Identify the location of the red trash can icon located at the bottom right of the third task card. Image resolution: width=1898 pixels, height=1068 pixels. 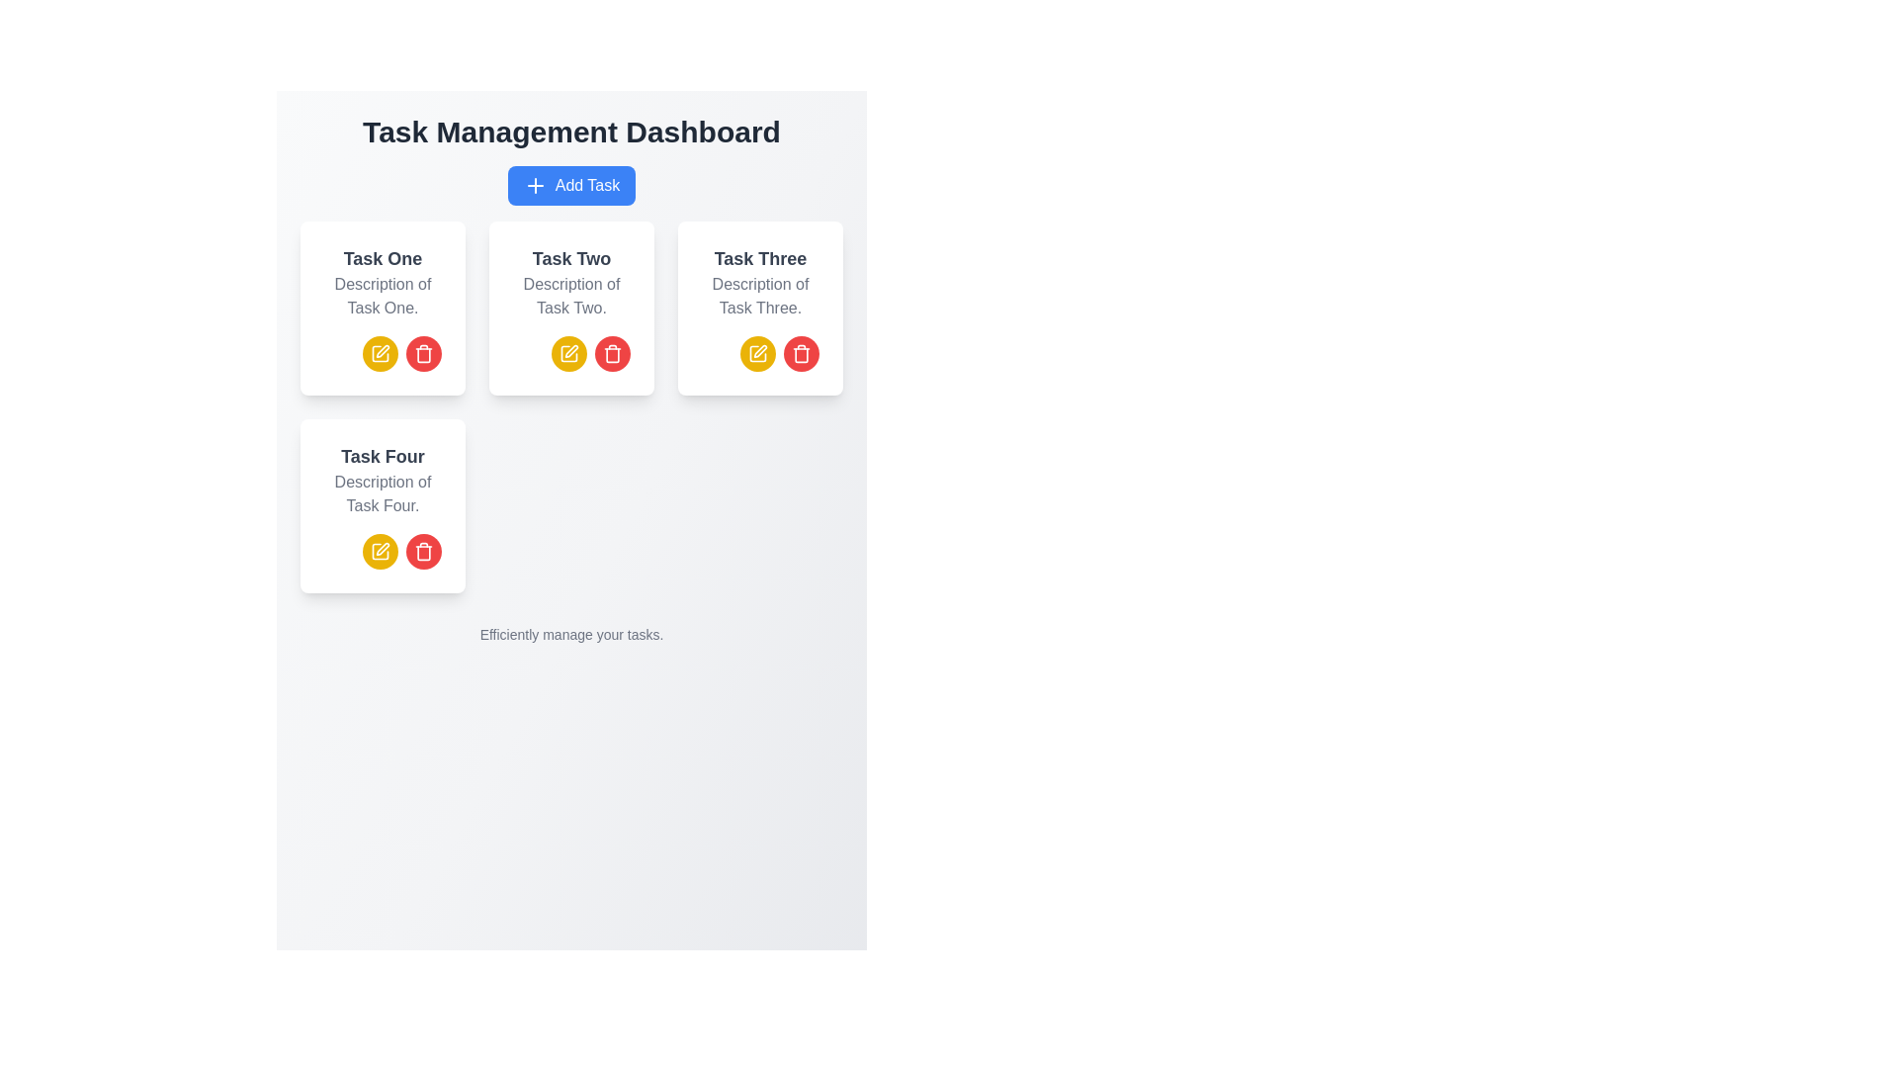
(802, 353).